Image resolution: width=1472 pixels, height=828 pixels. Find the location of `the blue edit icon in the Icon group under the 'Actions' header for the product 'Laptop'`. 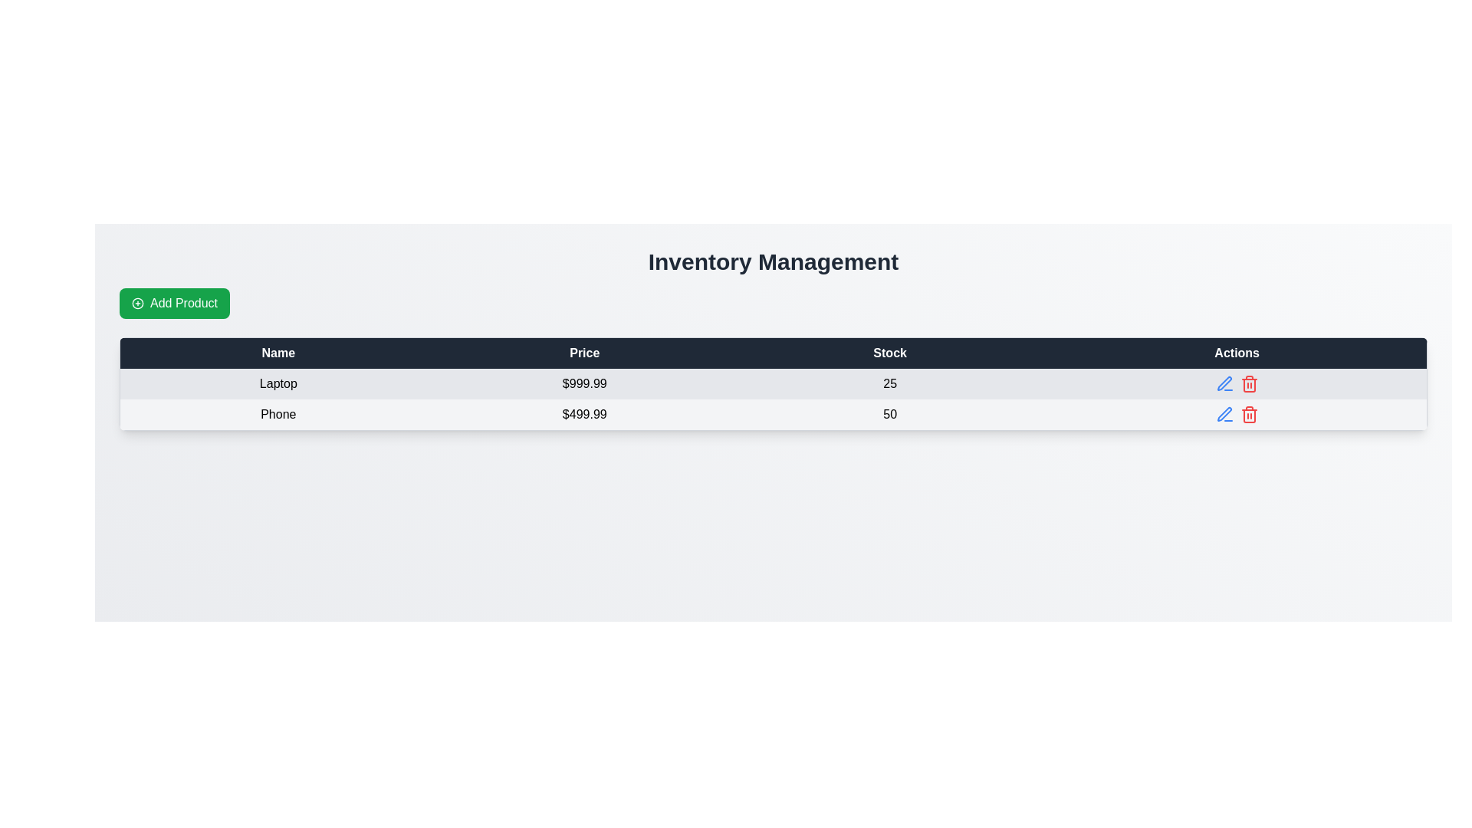

the blue edit icon in the Icon group under the 'Actions' header for the product 'Laptop' is located at coordinates (1237, 383).